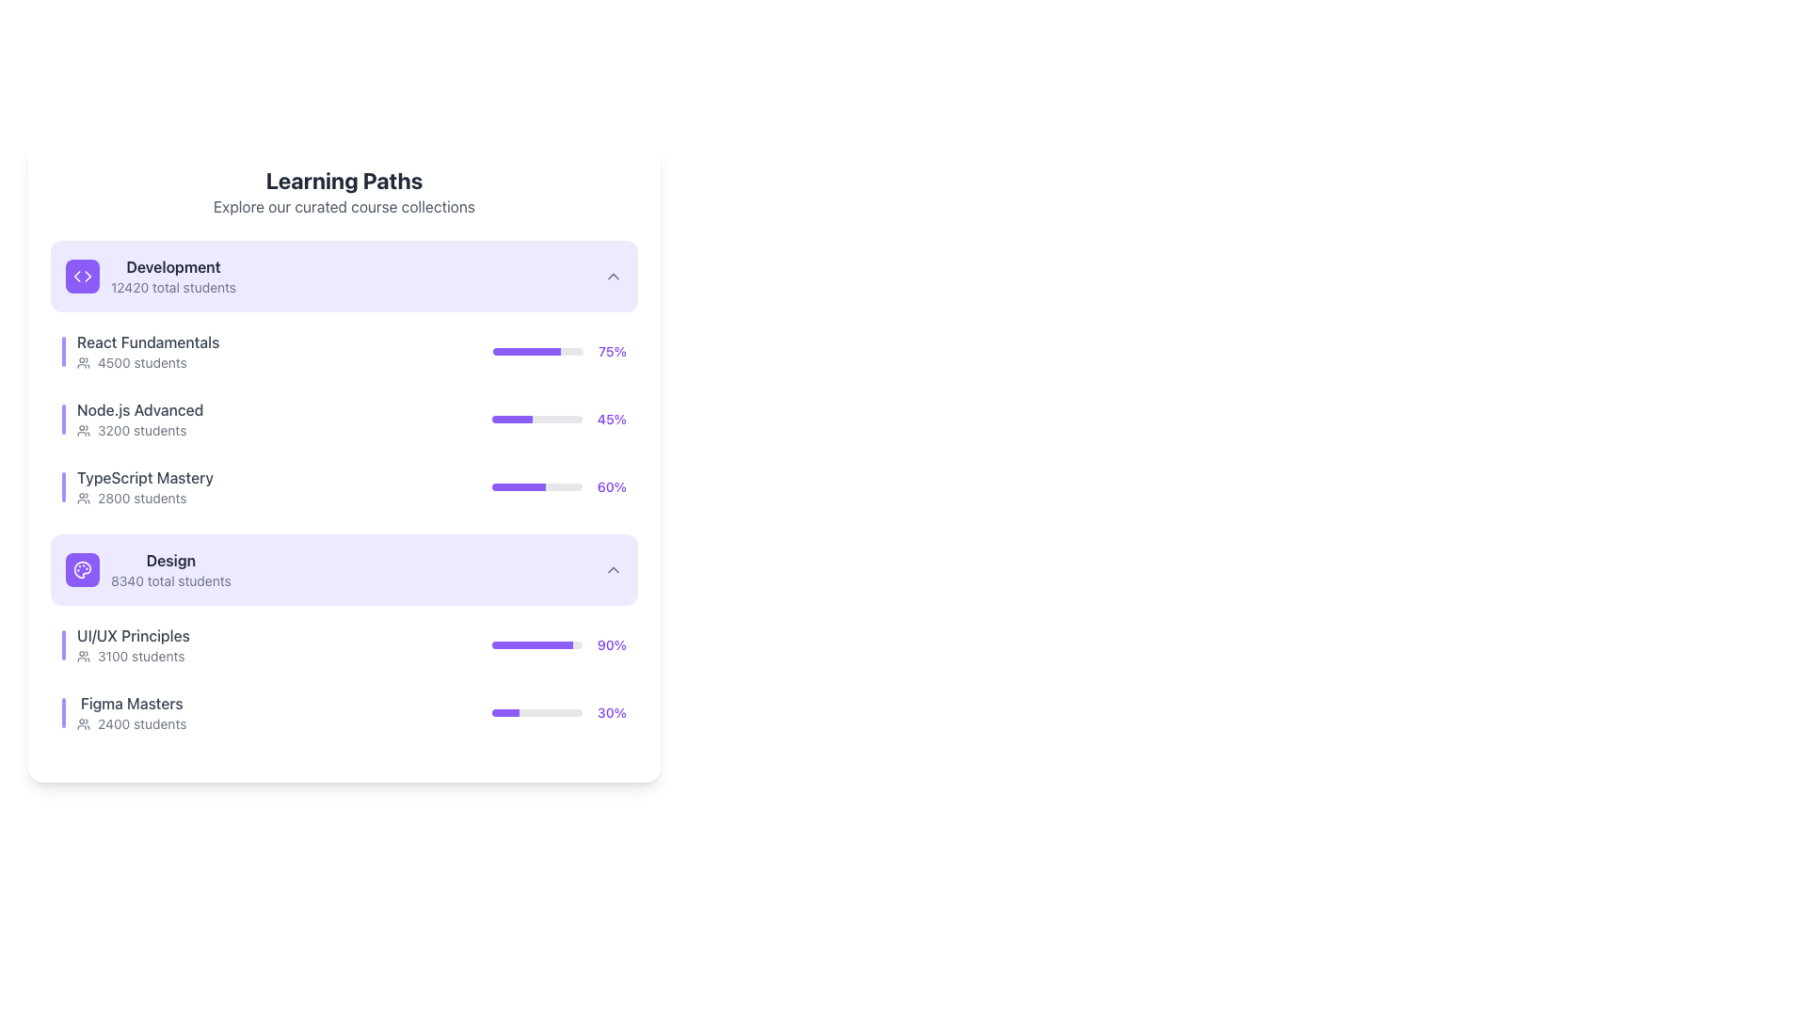  What do you see at coordinates (141, 497) in the screenshot?
I see `the text display showing '2800 students', which is the third entry in the list of courses under the 'Development' section, positioned below 'Node.js Advanced'` at bounding box center [141, 497].